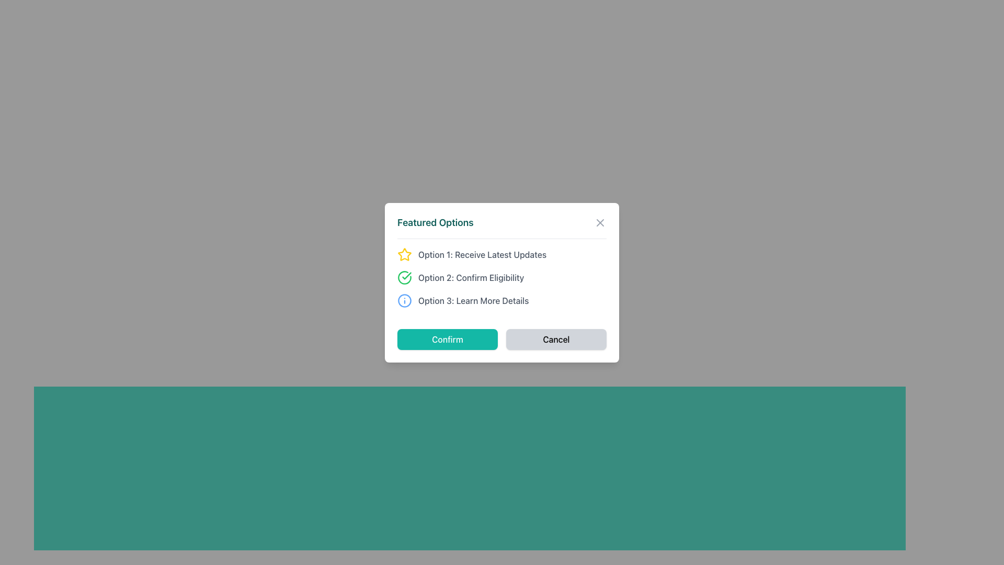 The height and width of the screenshot is (565, 1004). I want to click on the button group containing 'Confirm' and 'Cancel' buttons, so click(502, 339).